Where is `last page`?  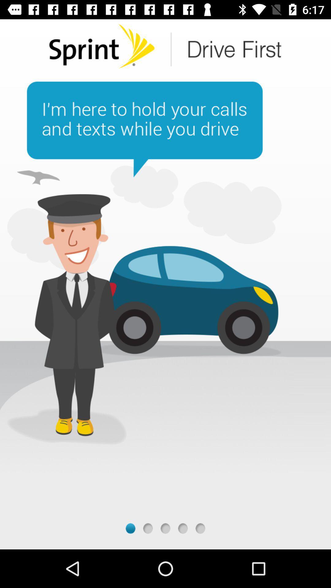
last page is located at coordinates (200, 528).